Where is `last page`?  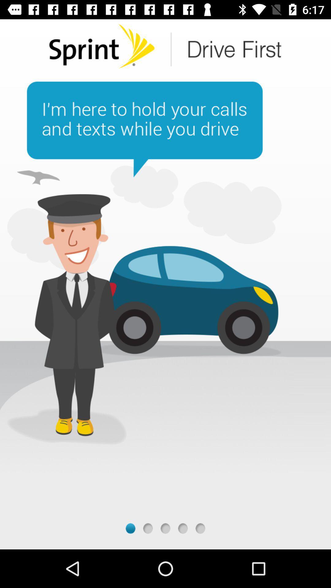
last page is located at coordinates (200, 528).